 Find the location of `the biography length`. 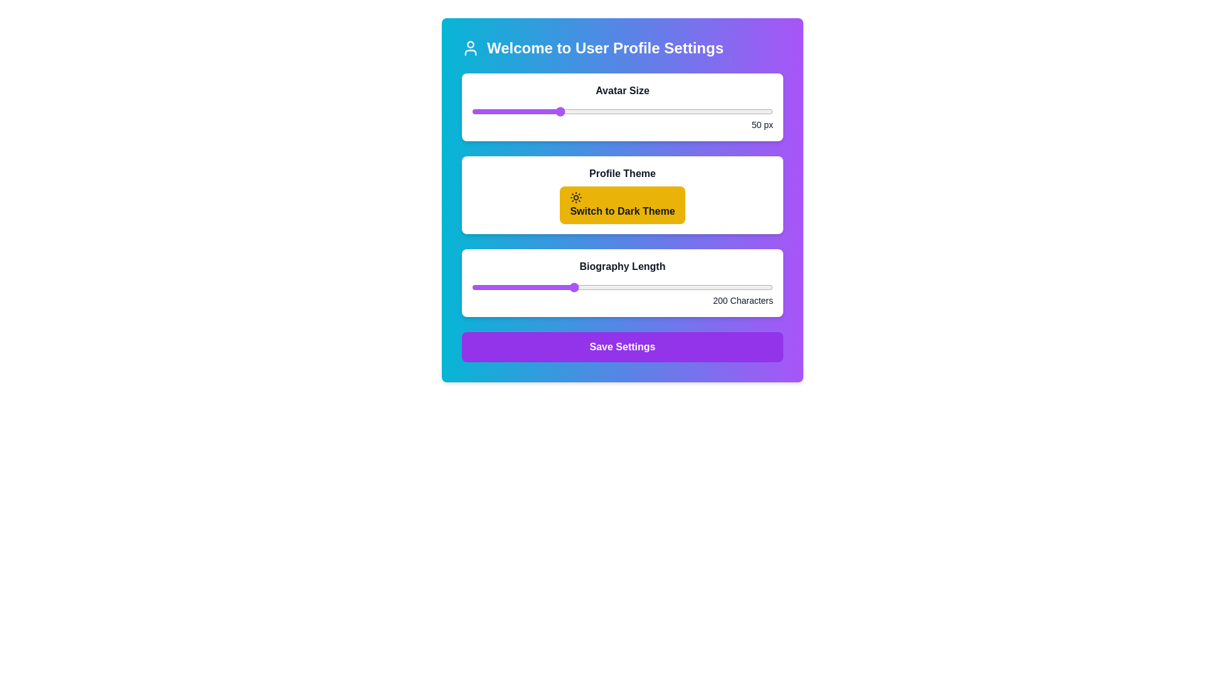

the biography length is located at coordinates (566, 288).